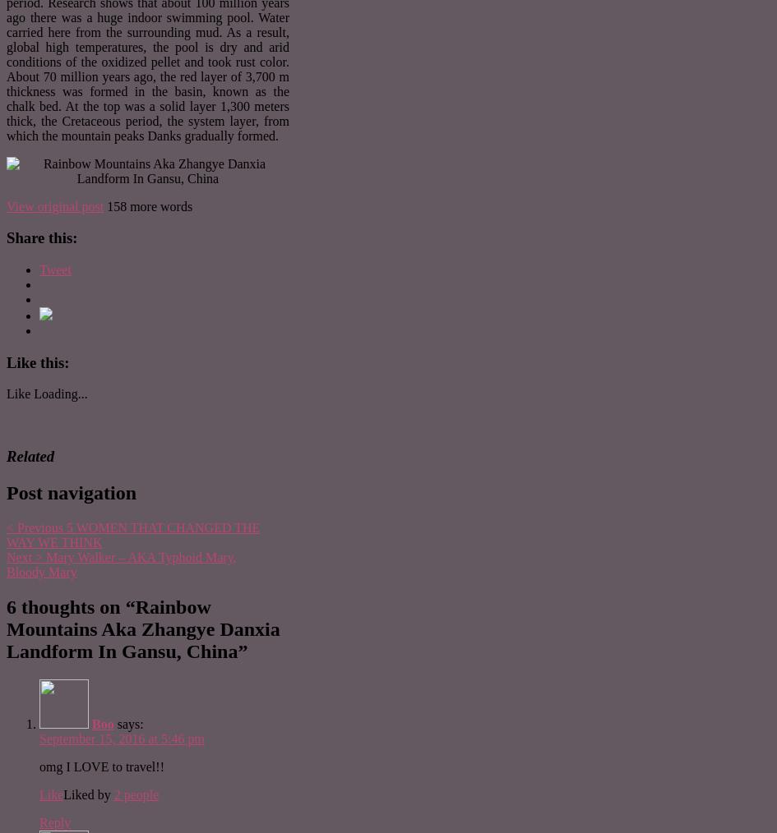 The width and height of the screenshot is (777, 833). I want to click on '158 more words', so click(106, 205).